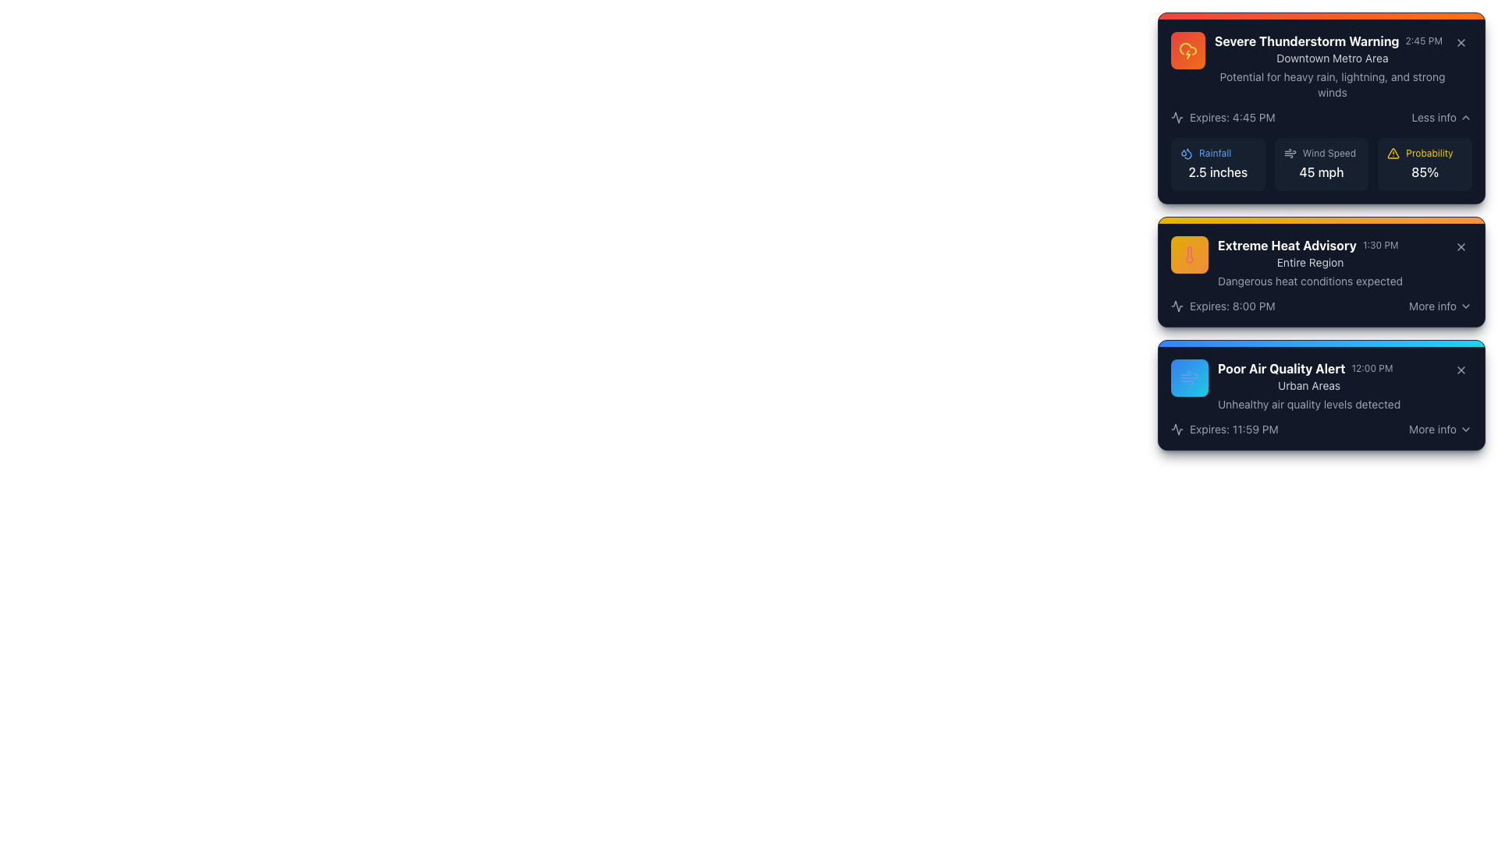 The width and height of the screenshot is (1498, 842). I want to click on the decorative bar located at the top of the first alert card, which indicates the severity of the alert associated with the title 'Severe Thunderstorm Warning', so click(1321, 16).